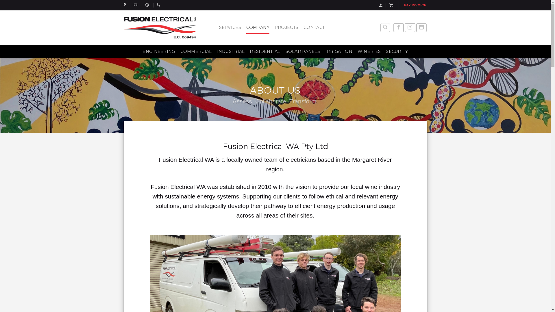 This screenshot has height=312, width=555. What do you see at coordinates (196, 51) in the screenshot?
I see `'COMMERCIAL'` at bounding box center [196, 51].